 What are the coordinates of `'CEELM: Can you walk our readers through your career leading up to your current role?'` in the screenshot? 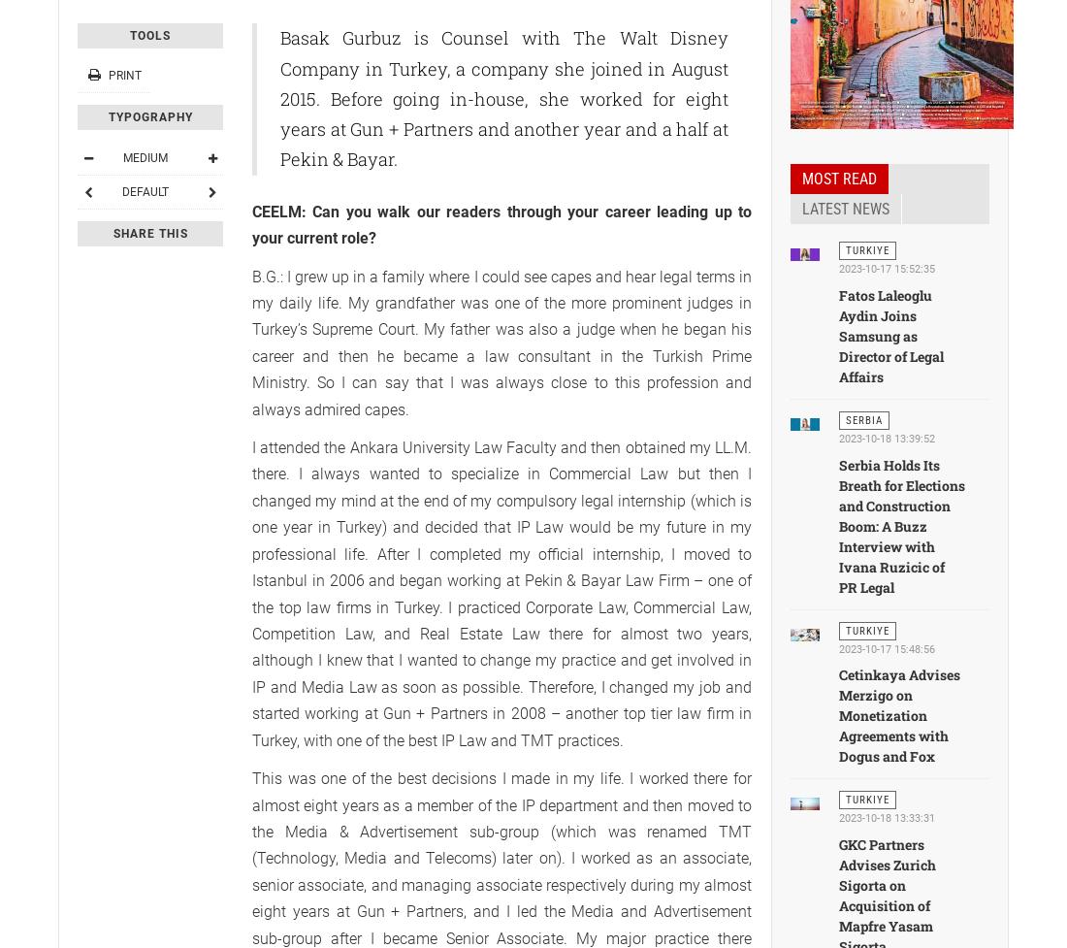 It's located at (501, 223).